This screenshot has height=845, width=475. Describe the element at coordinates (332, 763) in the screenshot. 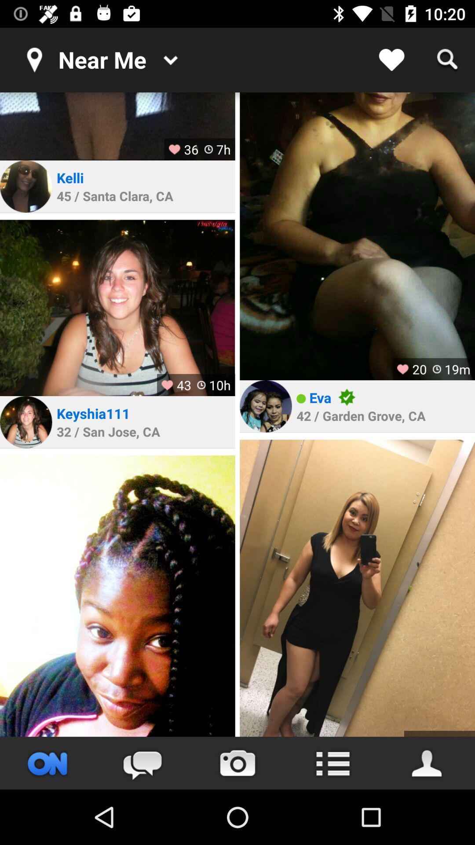

I see `the list icon` at that location.